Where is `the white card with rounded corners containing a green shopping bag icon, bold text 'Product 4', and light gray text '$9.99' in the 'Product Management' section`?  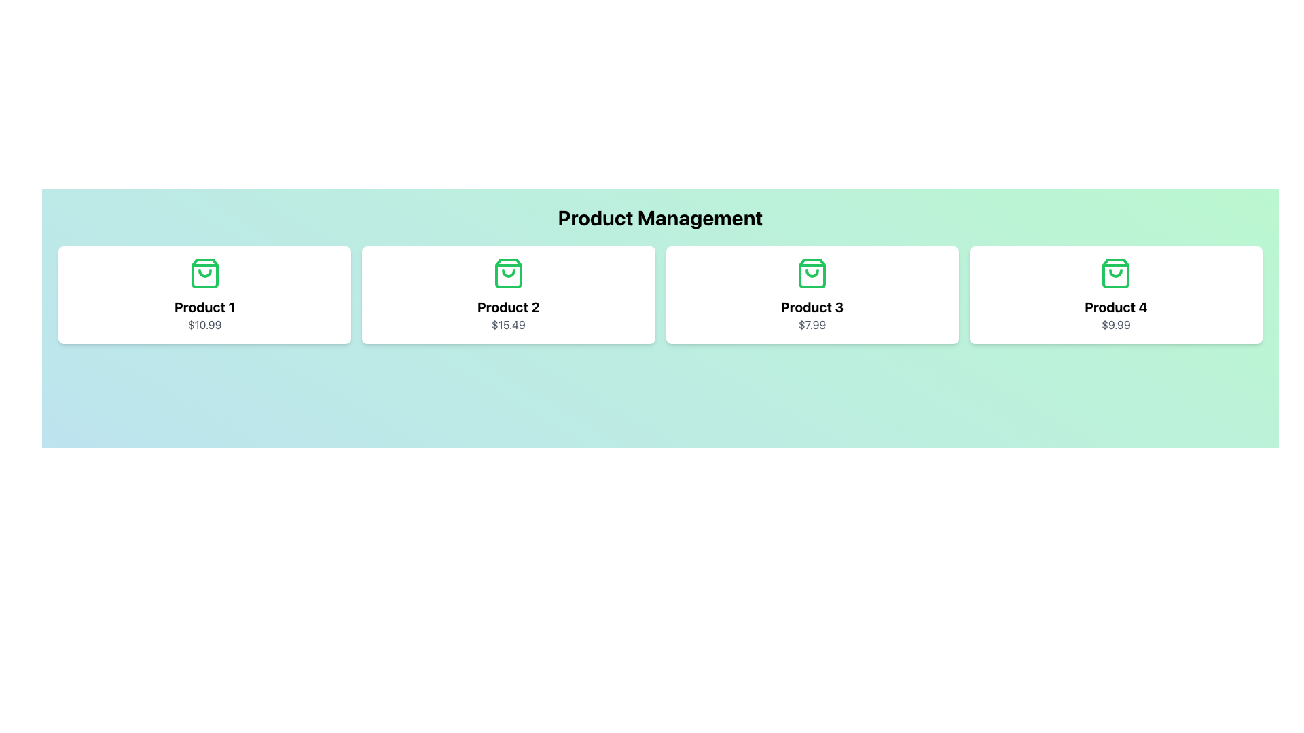
the white card with rounded corners containing a green shopping bag icon, bold text 'Product 4', and light gray text '$9.99' in the 'Product Management' section is located at coordinates (1116, 295).